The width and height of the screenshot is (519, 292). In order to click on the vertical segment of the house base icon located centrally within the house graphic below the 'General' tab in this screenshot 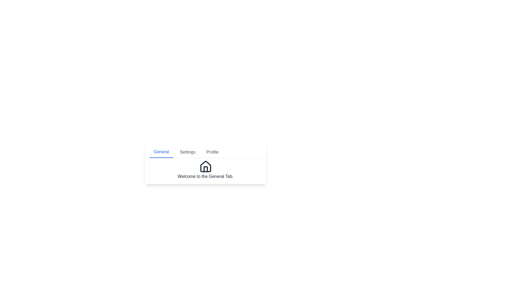, I will do `click(205, 169)`.